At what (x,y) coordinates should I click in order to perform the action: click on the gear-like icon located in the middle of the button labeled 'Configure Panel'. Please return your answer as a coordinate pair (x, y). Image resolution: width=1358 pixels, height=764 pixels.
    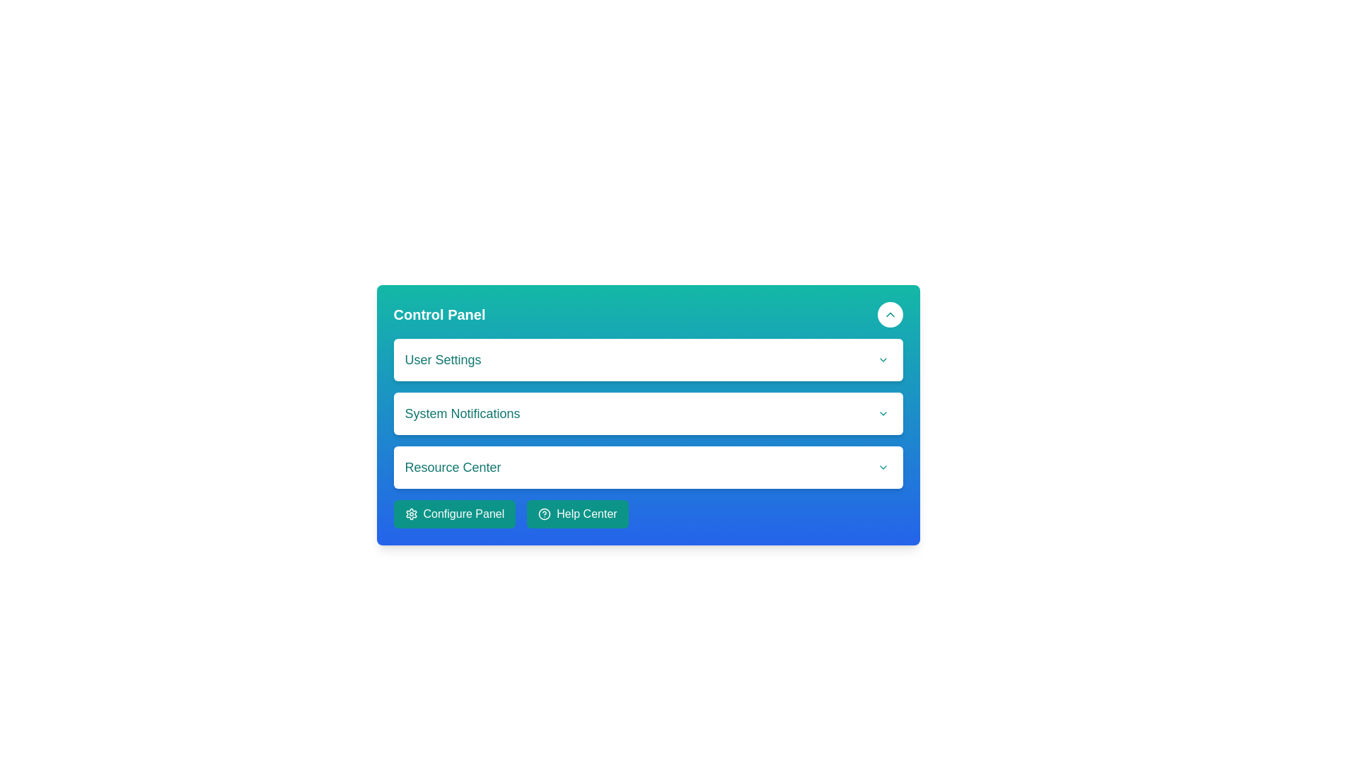
    Looking at the image, I should click on (410, 514).